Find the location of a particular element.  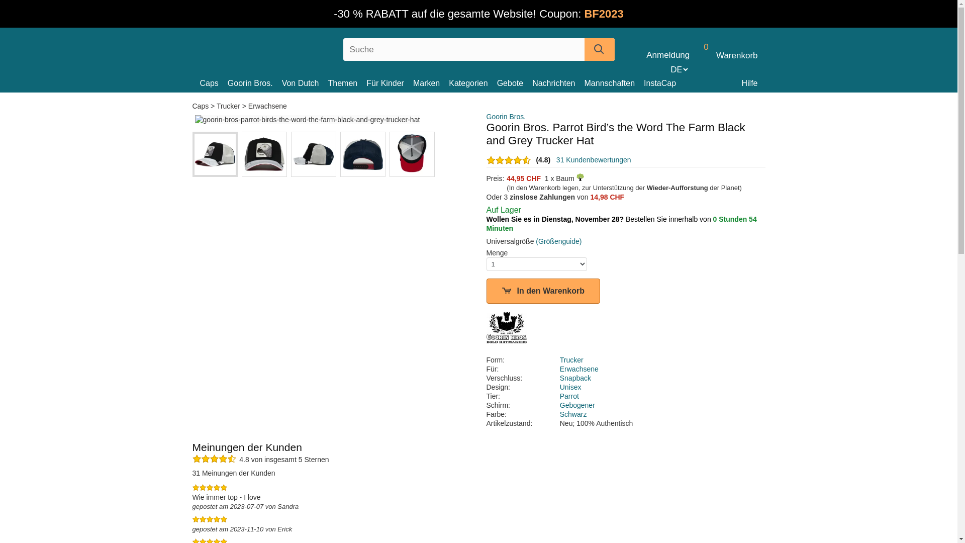

'Caps' is located at coordinates (192, 106).